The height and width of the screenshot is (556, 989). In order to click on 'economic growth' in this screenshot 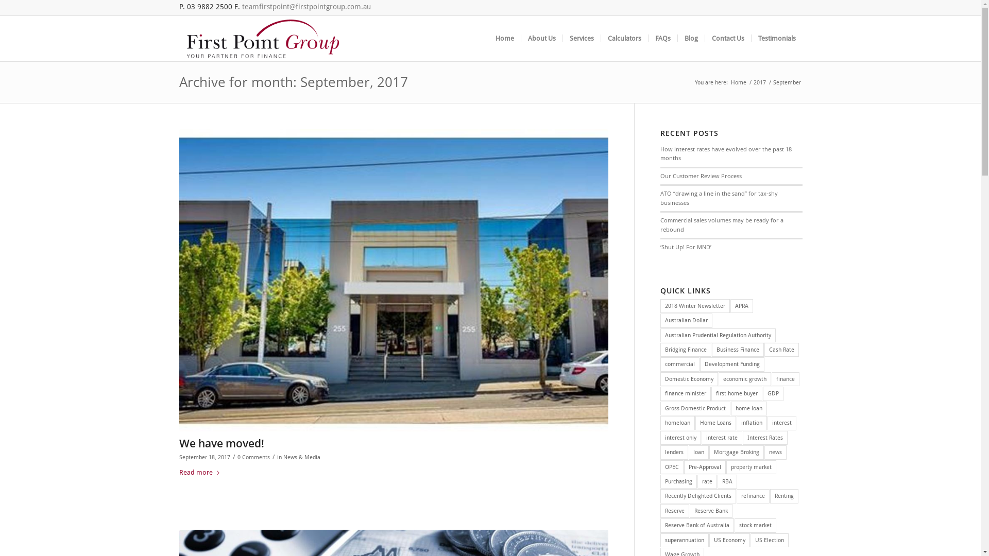, I will do `click(744, 379)`.